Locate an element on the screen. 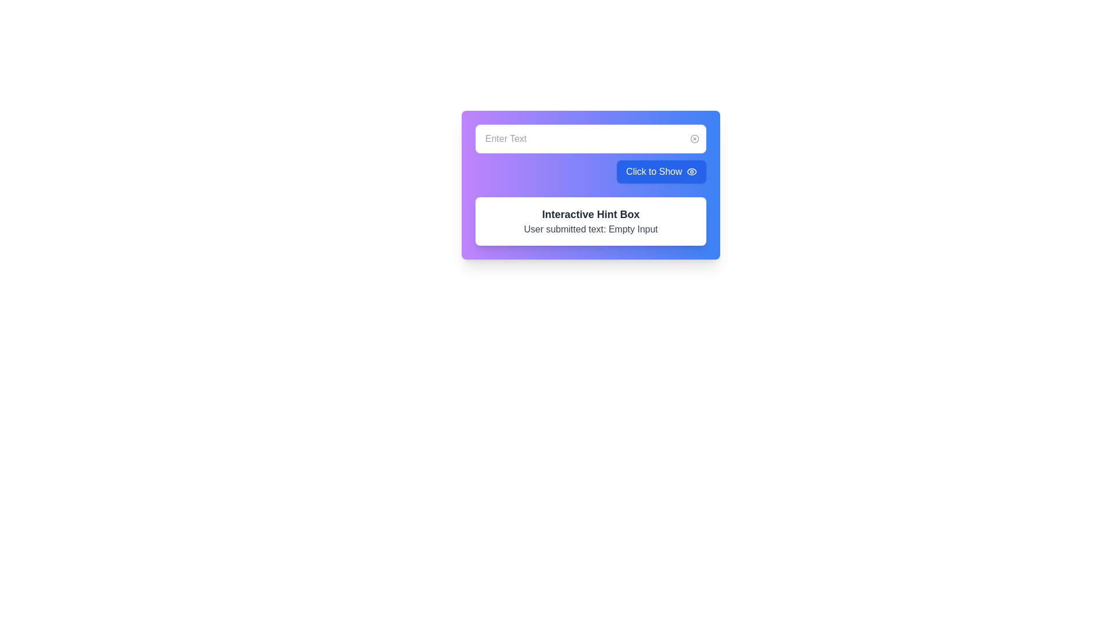  the eye icon located on the 'Click to Show' button is located at coordinates (692, 171).